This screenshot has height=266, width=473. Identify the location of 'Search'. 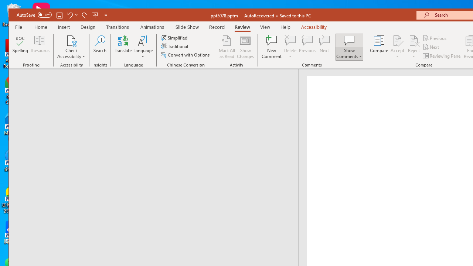
(99, 47).